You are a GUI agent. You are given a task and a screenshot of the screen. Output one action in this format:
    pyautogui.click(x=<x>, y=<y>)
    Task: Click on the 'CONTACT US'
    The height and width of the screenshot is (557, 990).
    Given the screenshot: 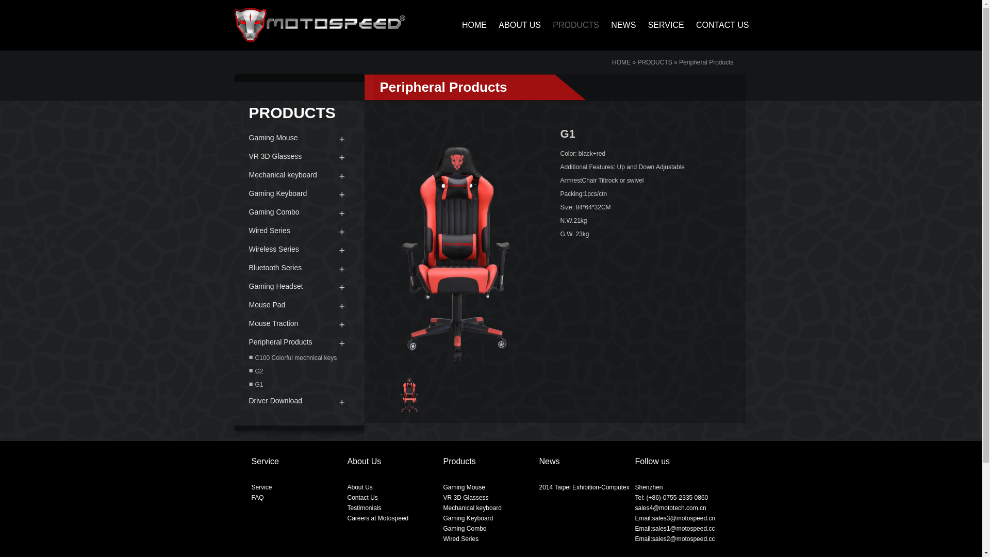 What is the action you would take?
    pyautogui.click(x=717, y=24)
    